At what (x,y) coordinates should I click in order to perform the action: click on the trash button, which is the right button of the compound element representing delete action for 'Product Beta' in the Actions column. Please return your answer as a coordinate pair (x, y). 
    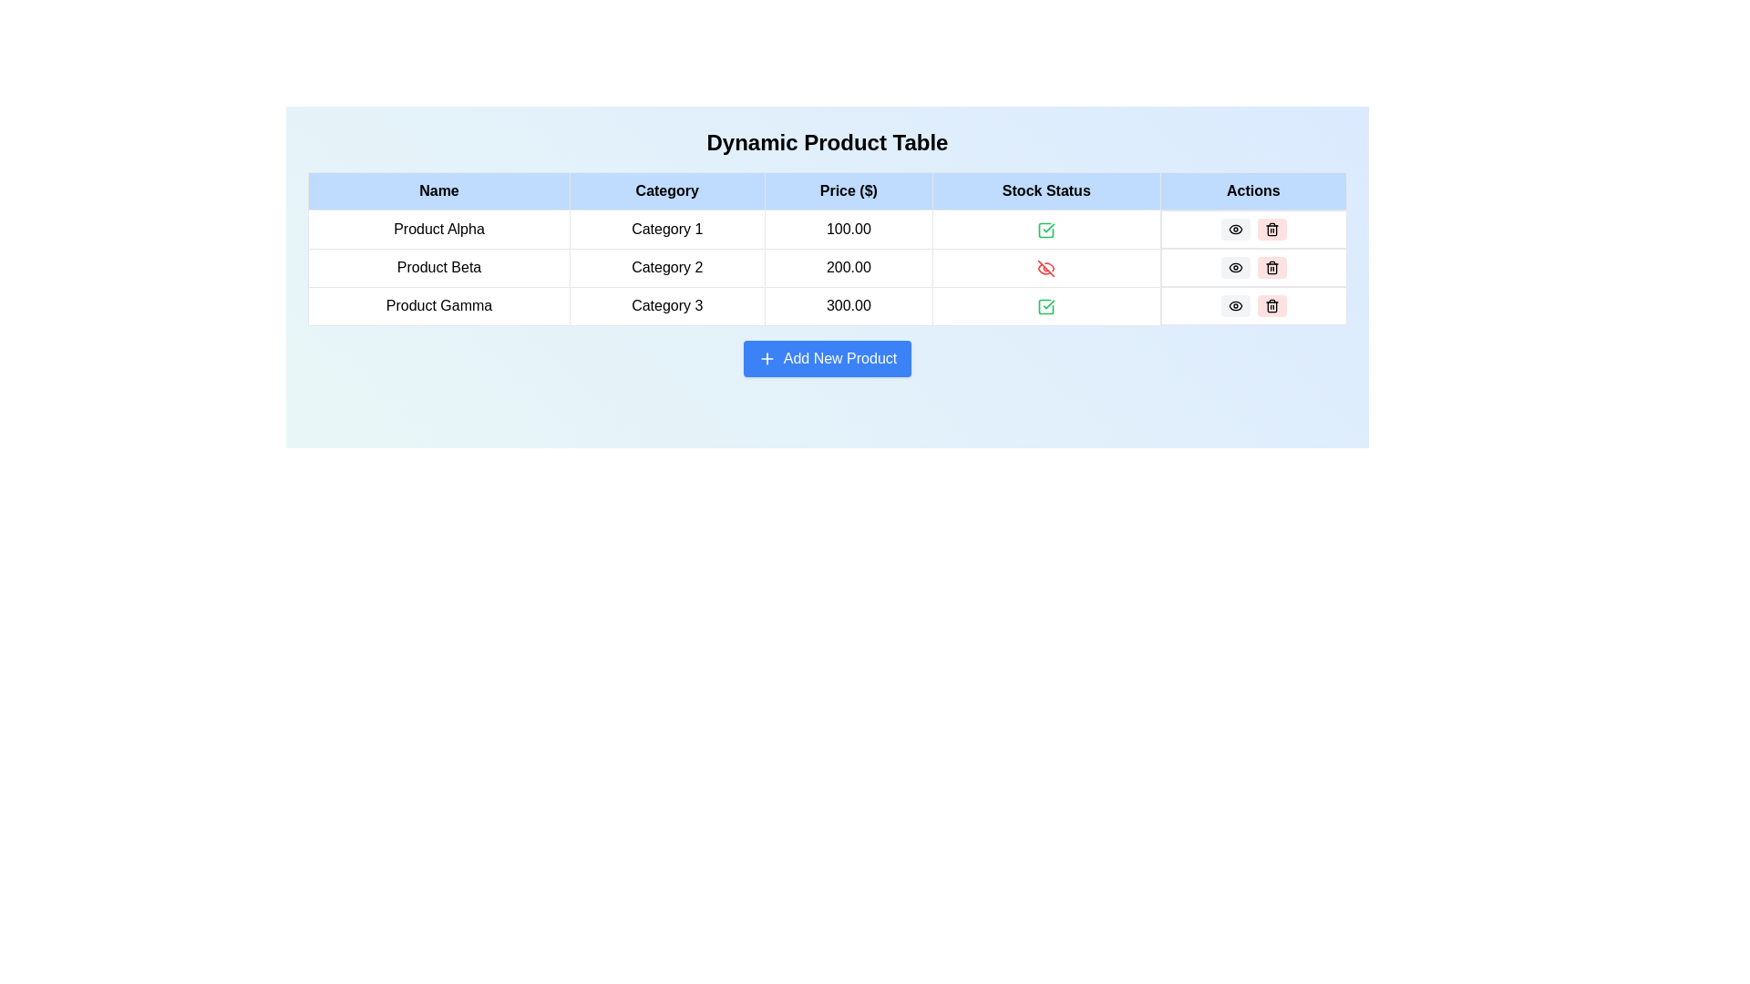
    Looking at the image, I should click on (1251, 267).